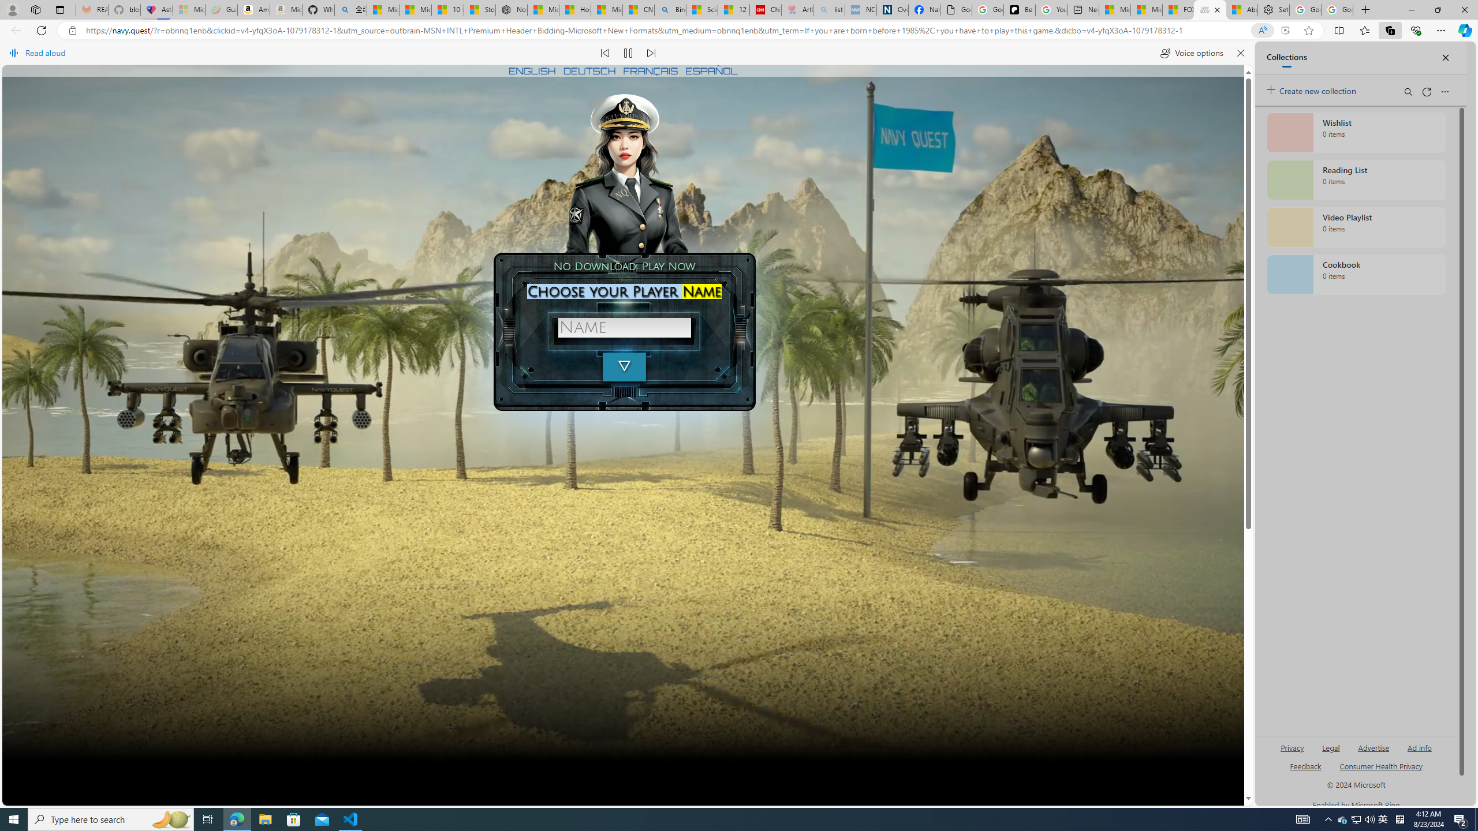  I want to click on 'Add this page to favorites (Ctrl+D)', so click(1308, 31).